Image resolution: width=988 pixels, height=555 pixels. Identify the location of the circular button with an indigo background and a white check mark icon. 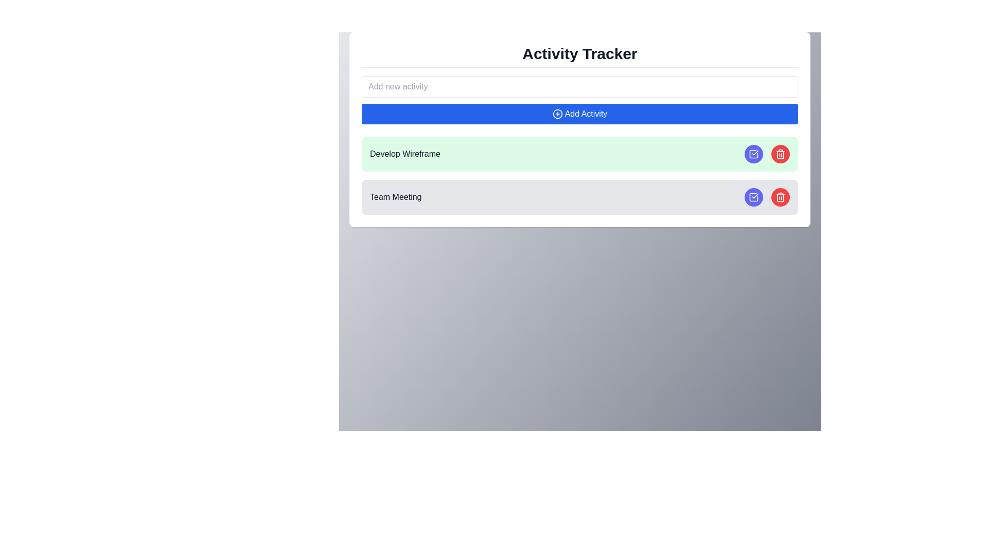
(753, 197).